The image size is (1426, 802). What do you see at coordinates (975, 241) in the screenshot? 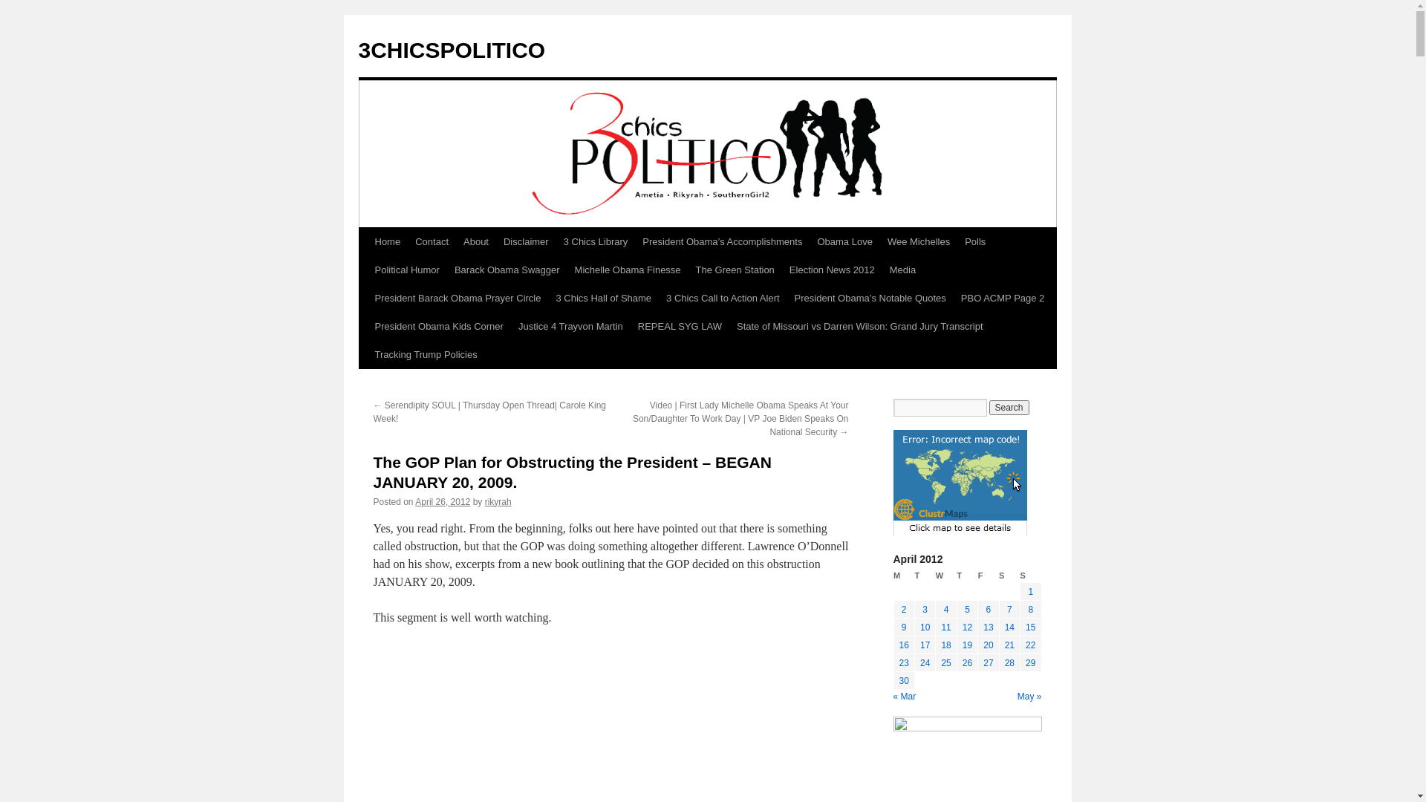
I see `'Polls'` at bounding box center [975, 241].